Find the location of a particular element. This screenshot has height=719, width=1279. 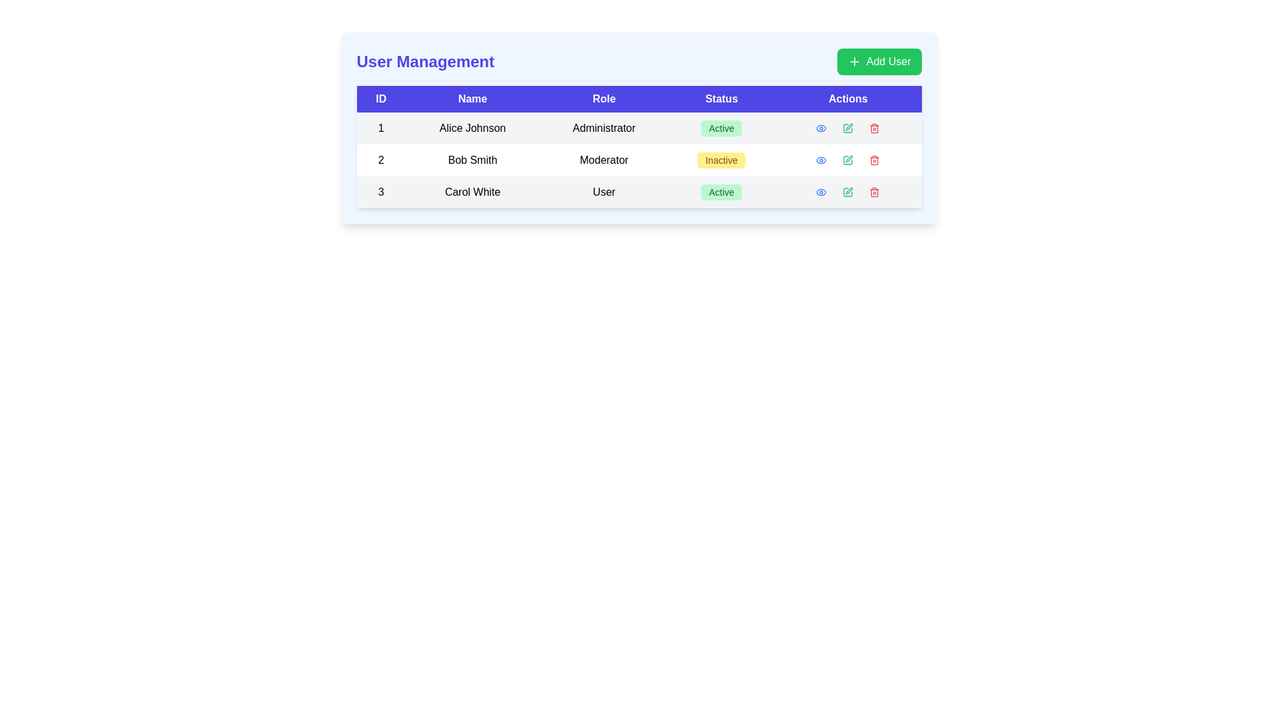

the 'Add User' icon, which is the foremost icon on the green button that initiates the addition of a user, located in the top-right corner of the user interface is located at coordinates (854, 61).